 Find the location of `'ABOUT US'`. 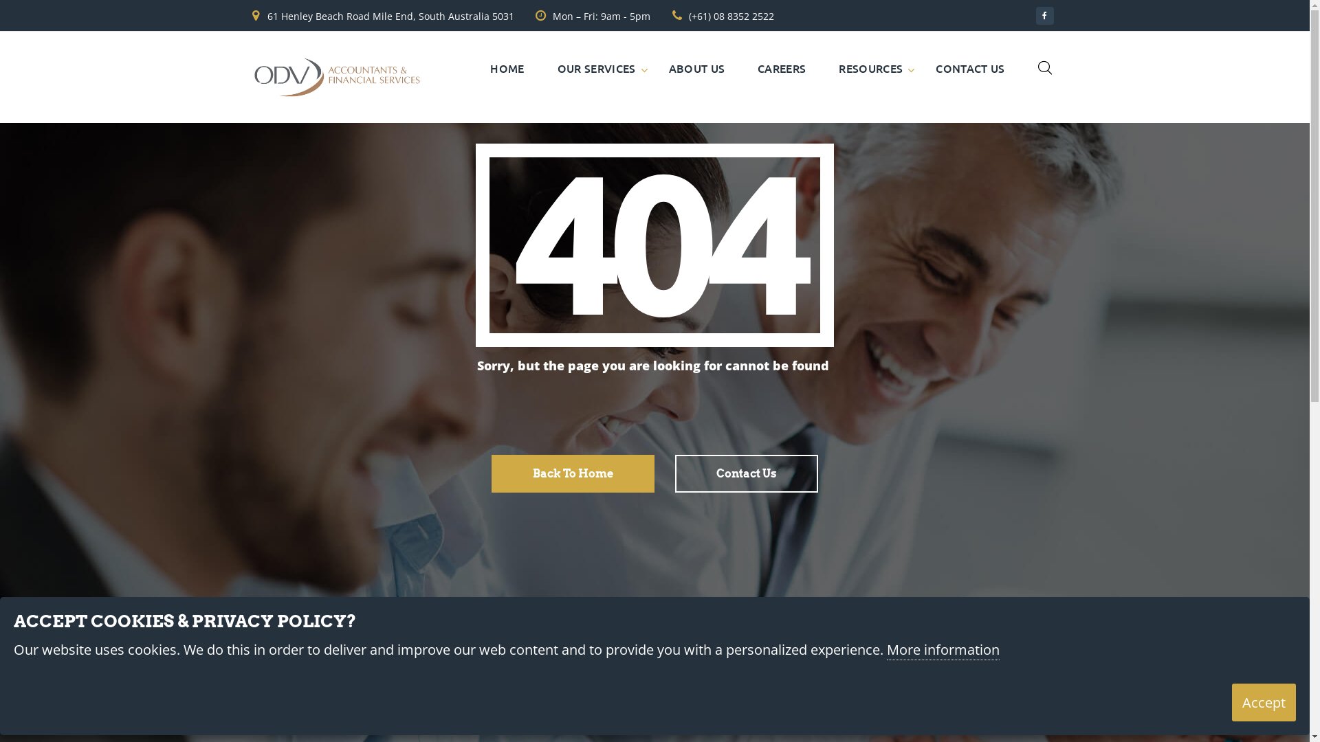

'ABOUT US' is located at coordinates (696, 68).